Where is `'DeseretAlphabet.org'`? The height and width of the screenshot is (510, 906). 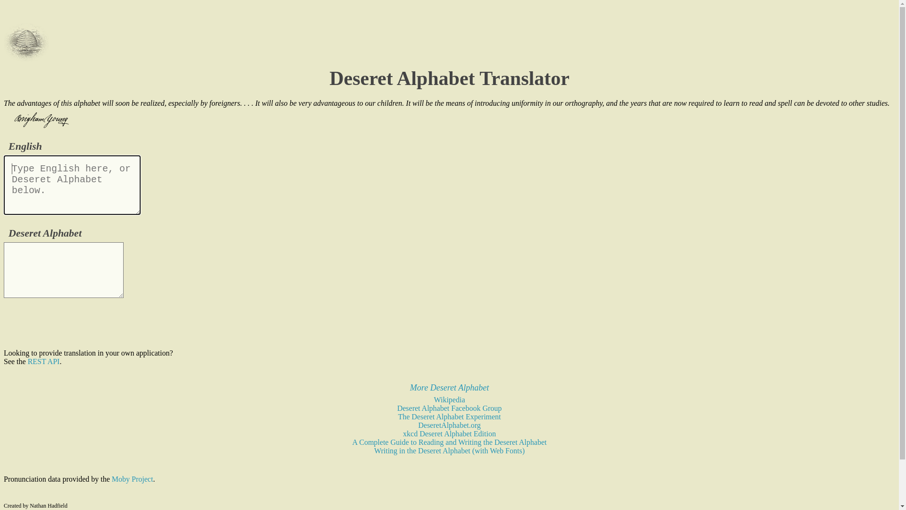 'DeseretAlphabet.org' is located at coordinates (418, 425).